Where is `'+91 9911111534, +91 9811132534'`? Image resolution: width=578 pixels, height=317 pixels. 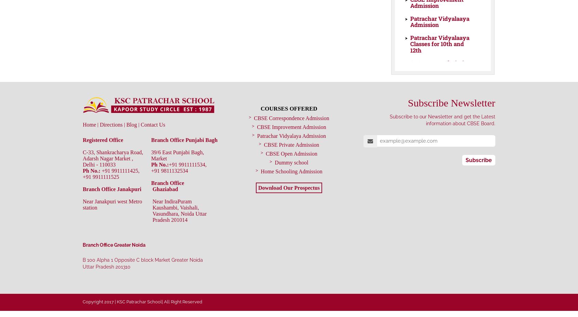 '+91 9911111534, +91 9811132534' is located at coordinates (178, 167).